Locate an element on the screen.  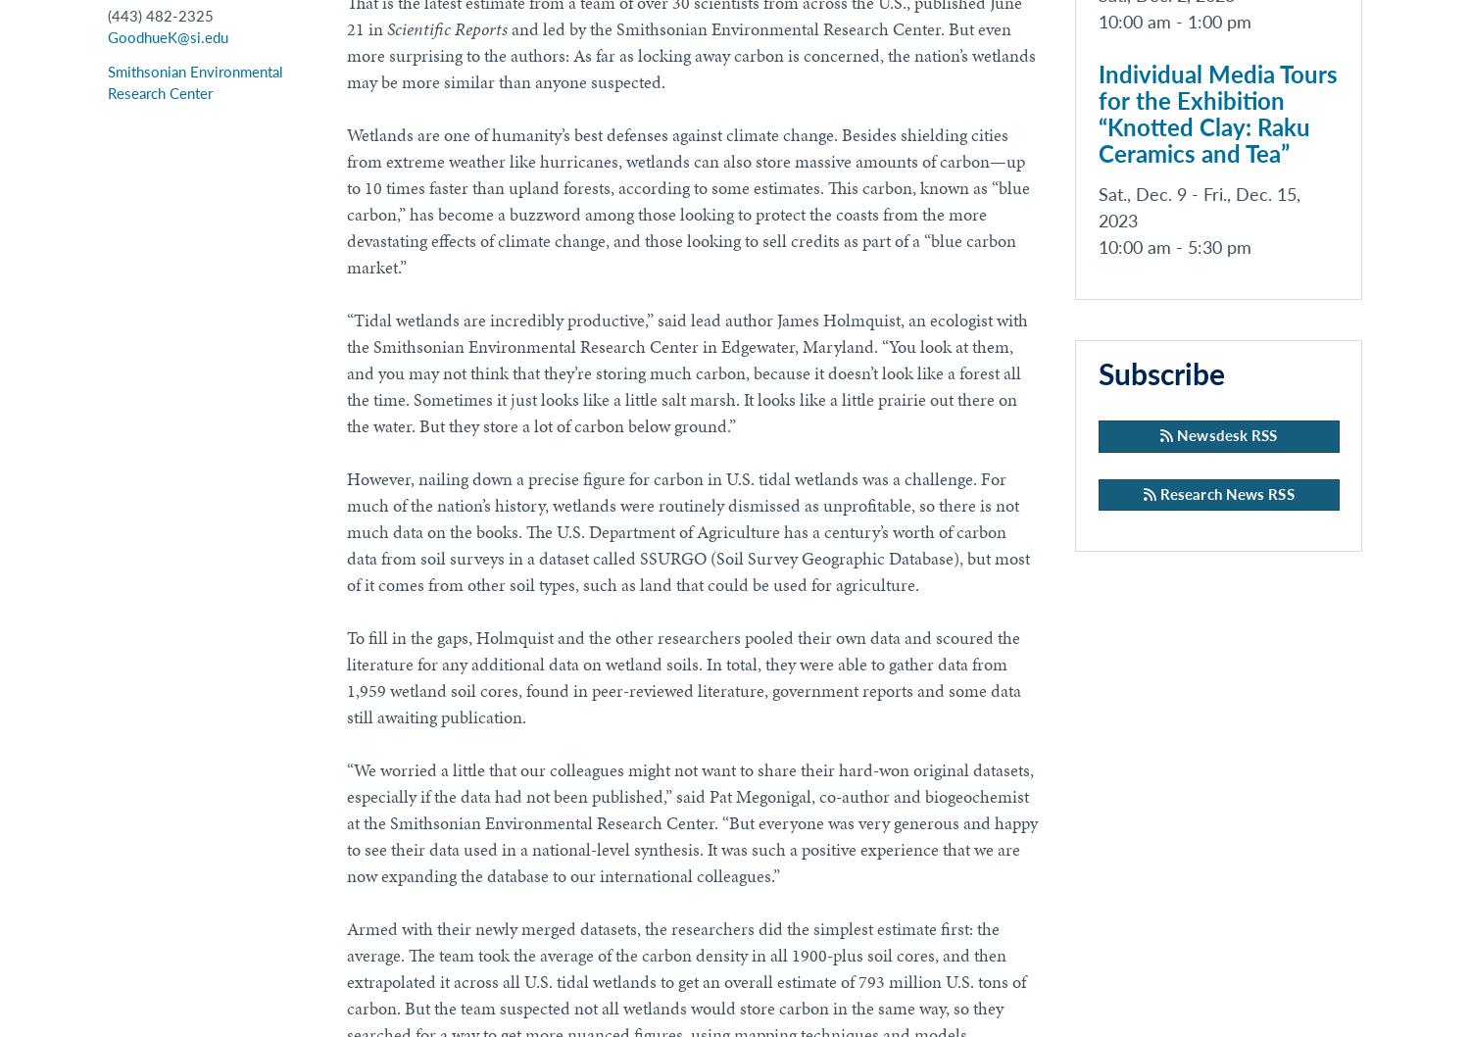
'Sat., Dec. 9 - Fri., Dec. 15, 2023' is located at coordinates (1197, 208).